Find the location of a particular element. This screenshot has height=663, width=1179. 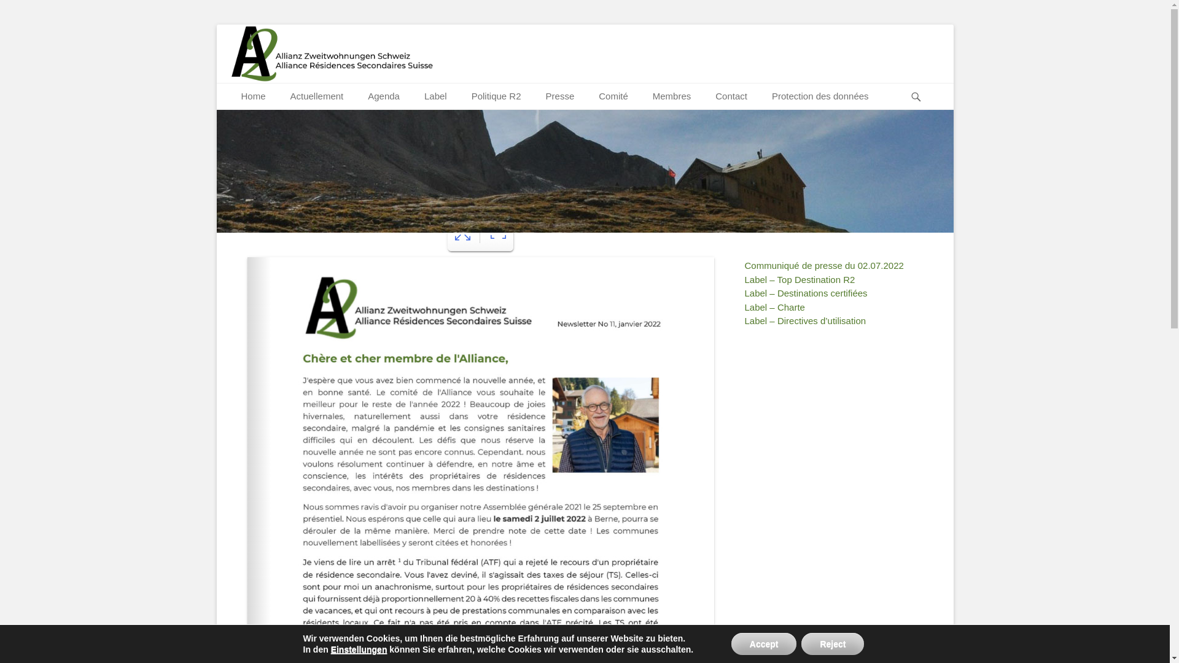

'Einstellungen' is located at coordinates (359, 648).